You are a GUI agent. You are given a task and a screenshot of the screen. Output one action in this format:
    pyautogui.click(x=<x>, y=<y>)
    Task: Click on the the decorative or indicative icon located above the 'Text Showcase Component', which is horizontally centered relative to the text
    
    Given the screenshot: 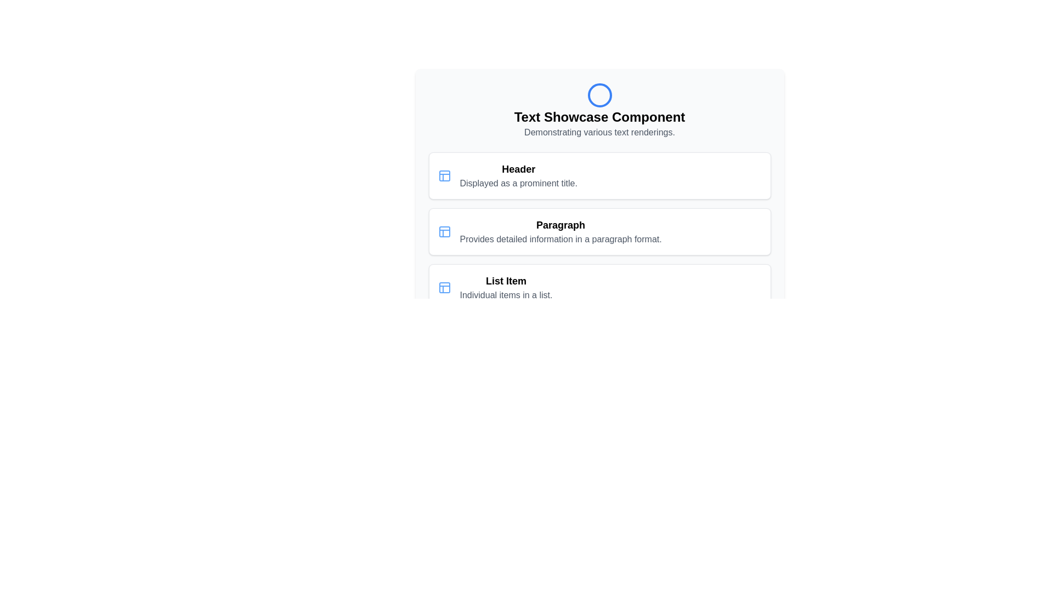 What is the action you would take?
    pyautogui.click(x=599, y=94)
    